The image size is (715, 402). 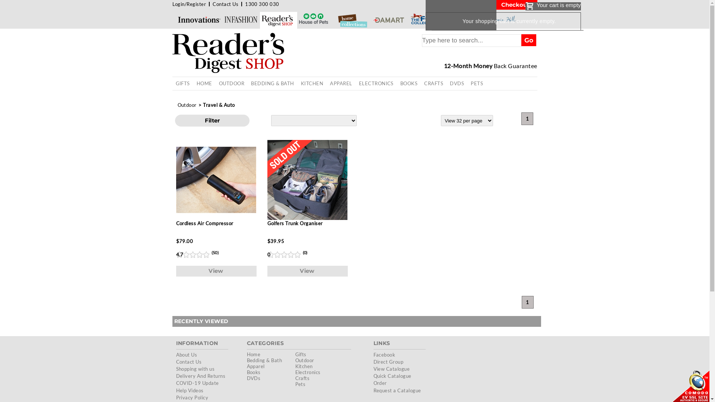 I want to click on 'Apparel', so click(x=247, y=366).